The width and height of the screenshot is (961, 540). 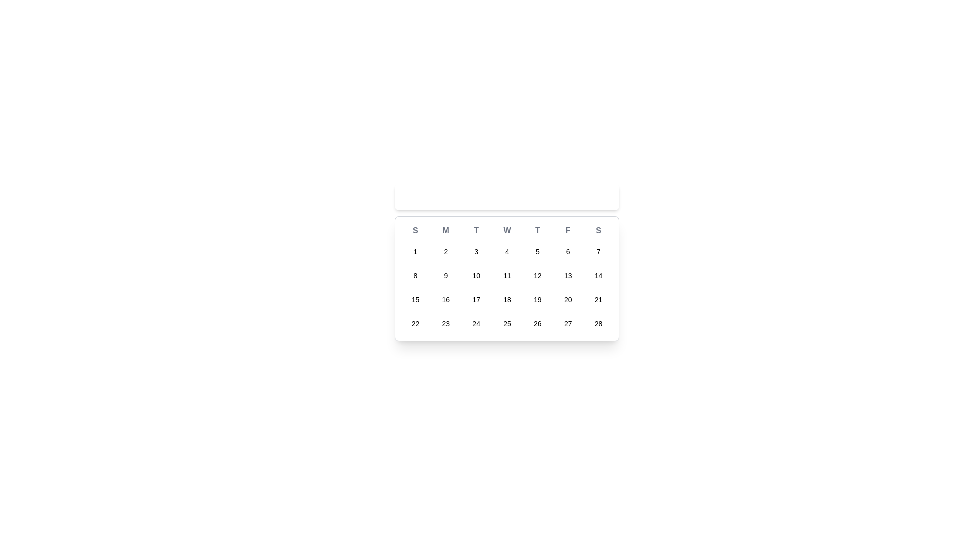 I want to click on the calendar date cell displaying '10' in bold black font, located in the third column and third row of the grid layout, so click(x=476, y=275).